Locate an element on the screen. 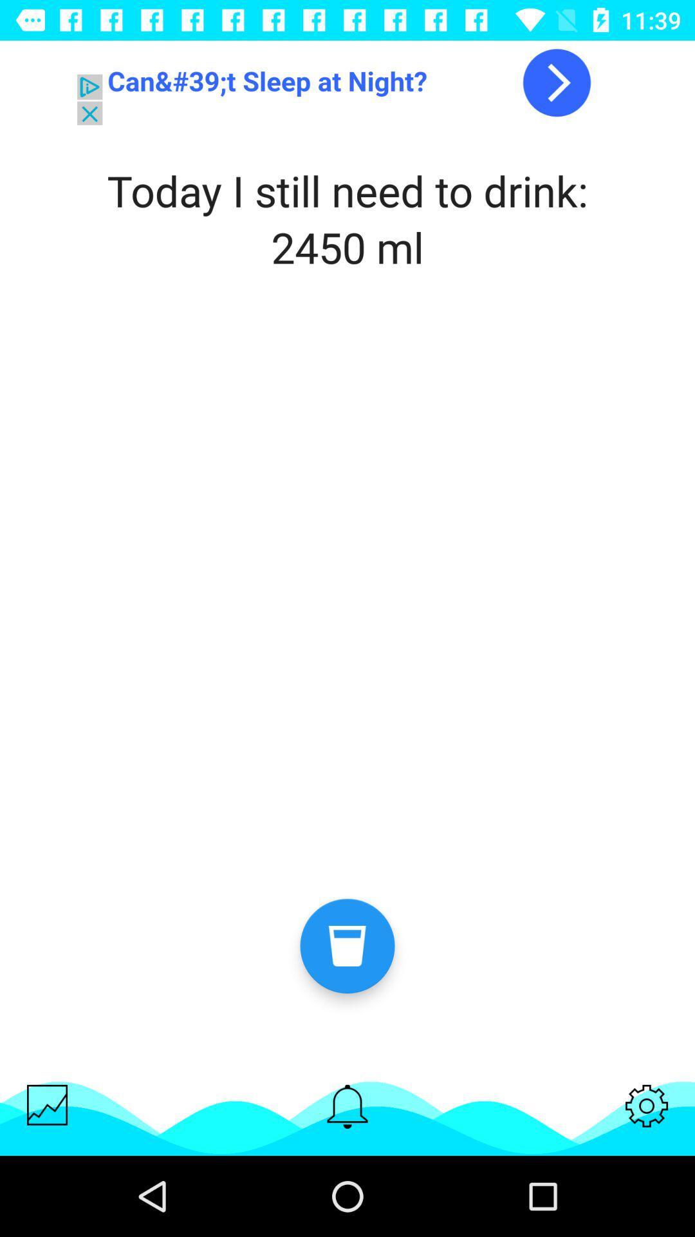 This screenshot has height=1237, width=695. notifications is located at coordinates (347, 1106).